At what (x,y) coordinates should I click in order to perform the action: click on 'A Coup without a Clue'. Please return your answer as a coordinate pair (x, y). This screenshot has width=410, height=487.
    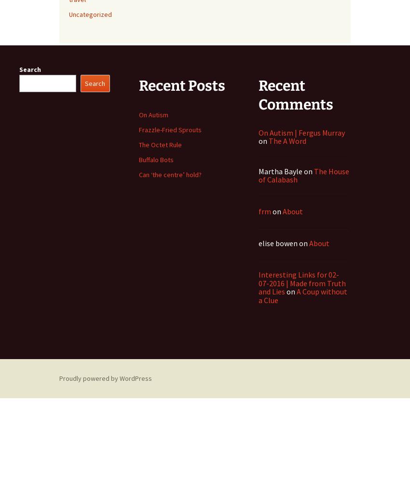
    Looking at the image, I should click on (258, 295).